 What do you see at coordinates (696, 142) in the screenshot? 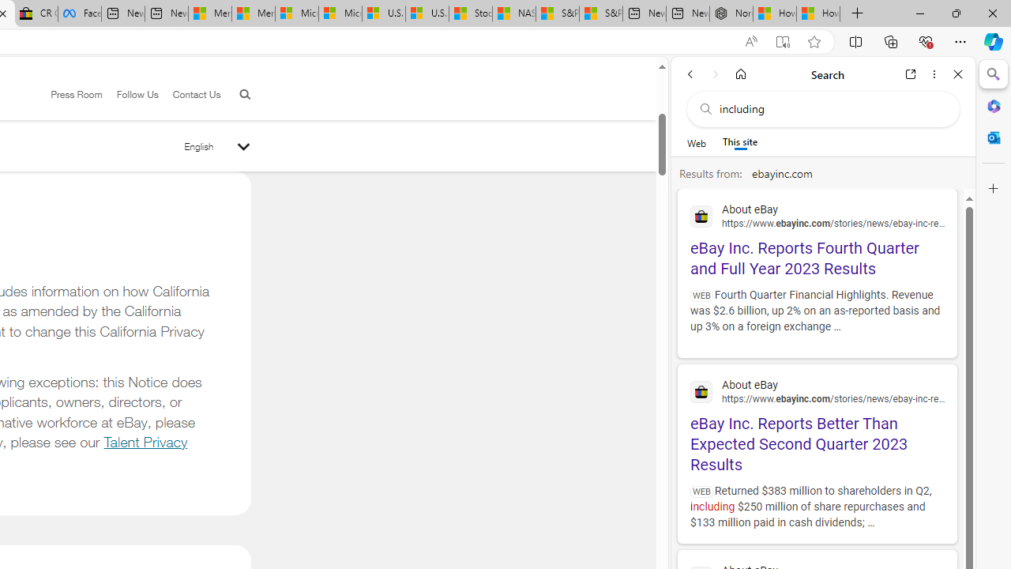
I see `'Web scope'` at bounding box center [696, 142].